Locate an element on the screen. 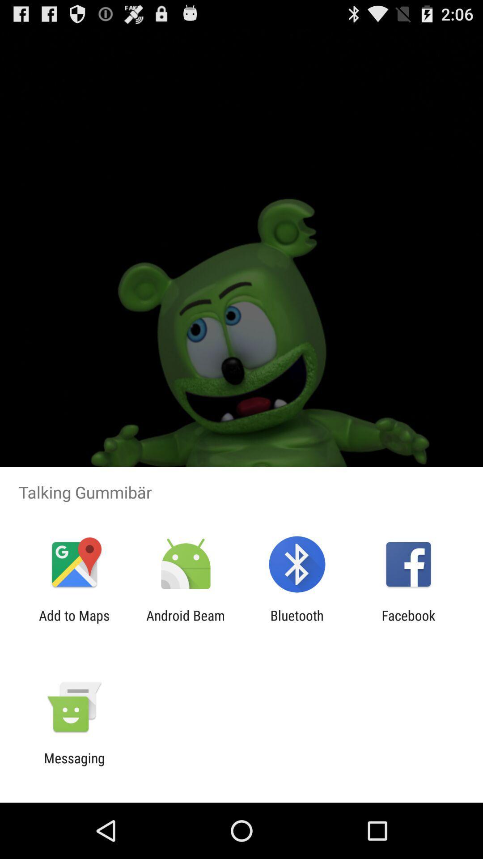  the app at the bottom right corner is located at coordinates (408, 623).